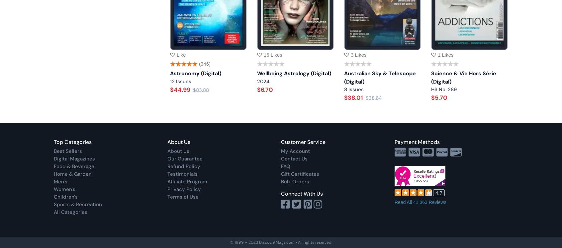 This screenshot has height=248, width=562. What do you see at coordinates (64, 189) in the screenshot?
I see `'Women's'` at bounding box center [64, 189].